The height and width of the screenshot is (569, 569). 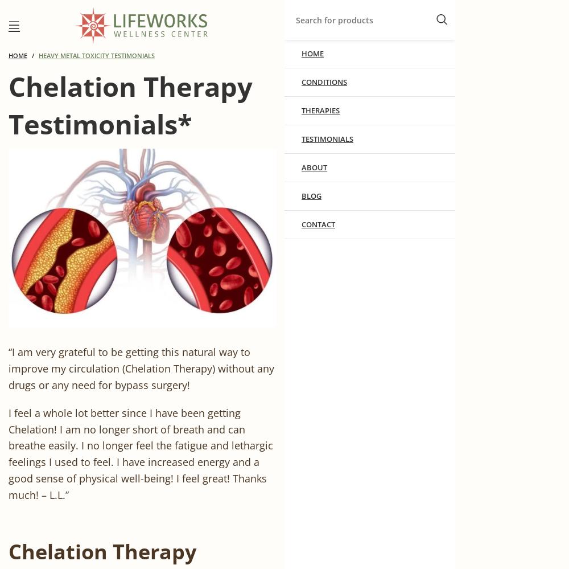 What do you see at coordinates (320, 109) in the screenshot?
I see `'Therapies'` at bounding box center [320, 109].